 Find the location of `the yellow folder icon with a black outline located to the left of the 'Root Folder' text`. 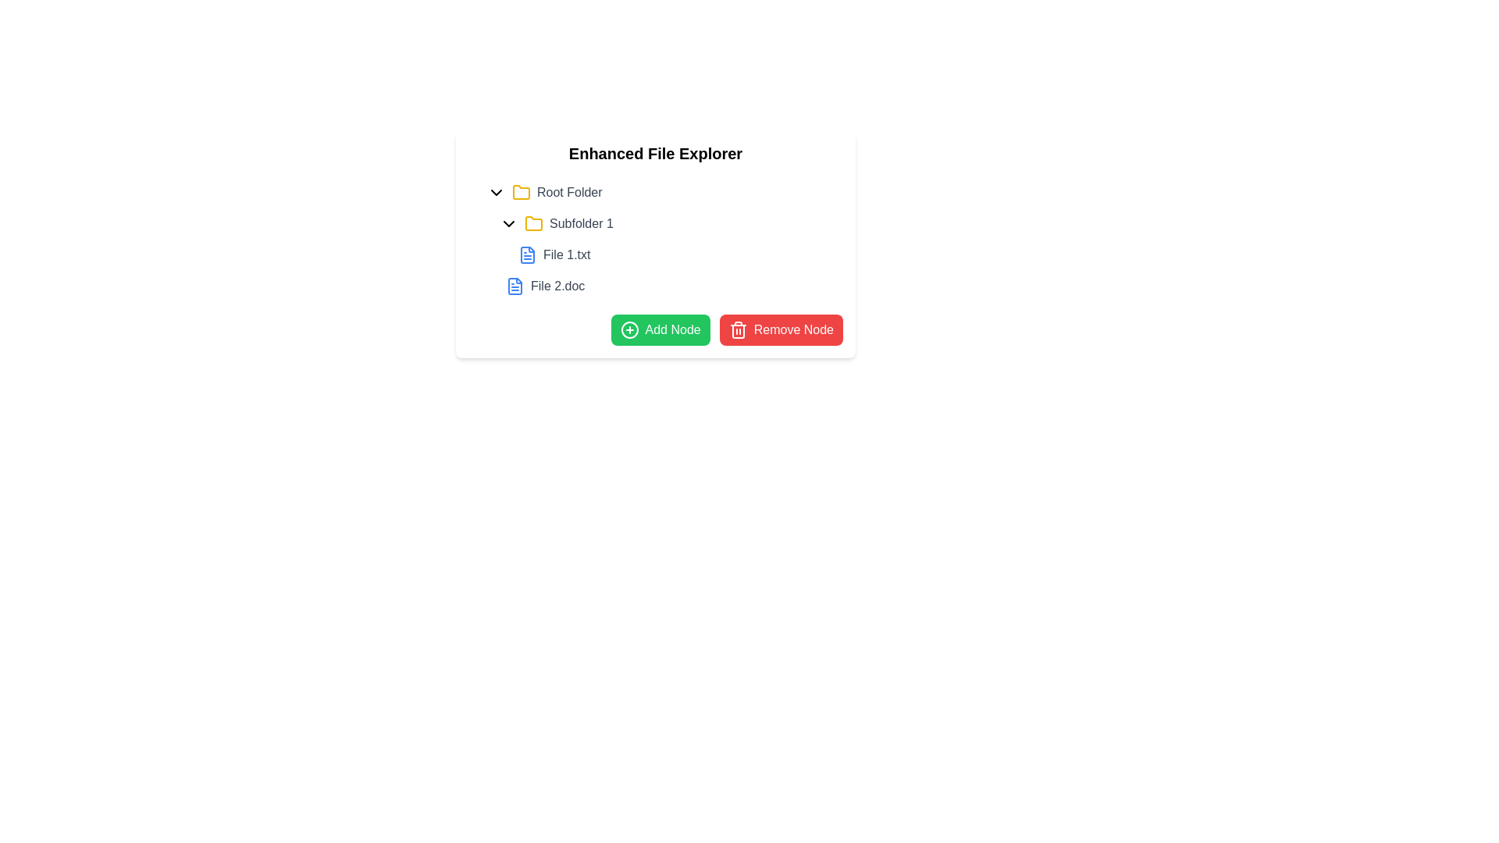

the yellow folder icon with a black outline located to the left of the 'Root Folder' text is located at coordinates (521, 191).